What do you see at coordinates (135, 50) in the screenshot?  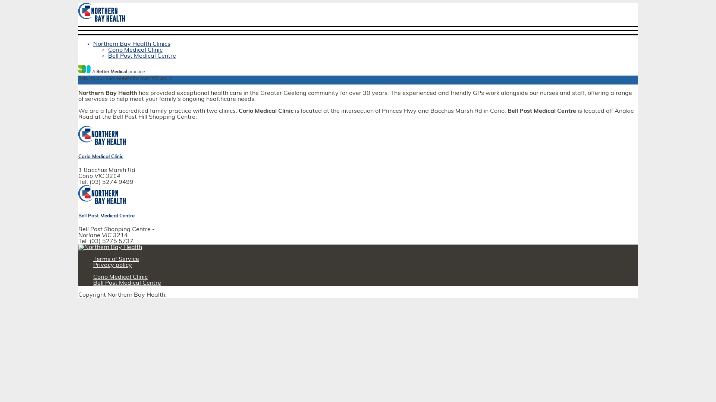 I see `'Corio Medical Clinic'` at bounding box center [135, 50].